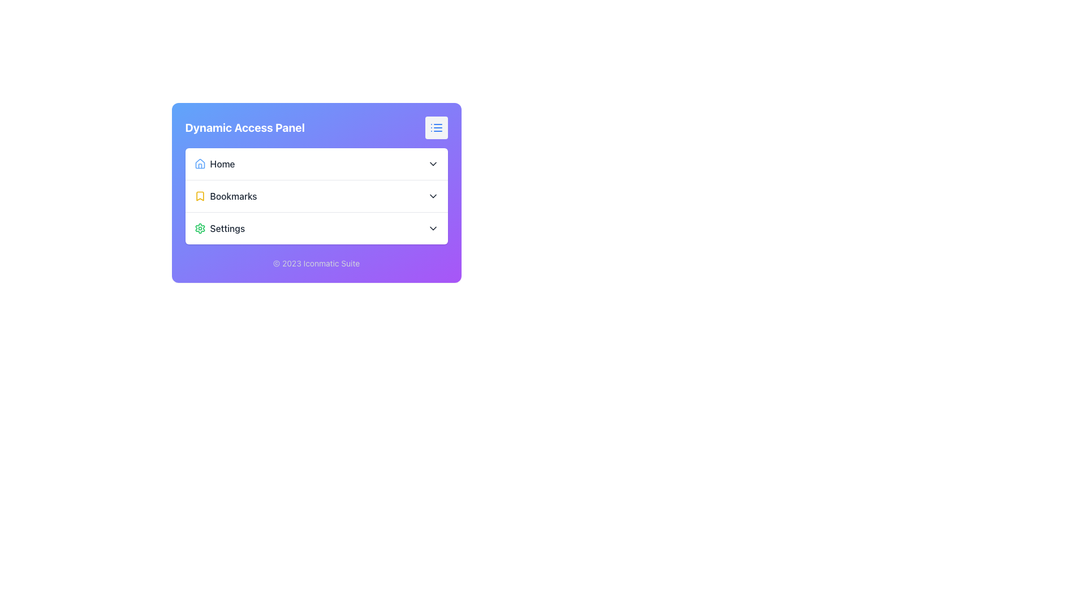 The width and height of the screenshot is (1086, 611). Describe the element at coordinates (200, 229) in the screenshot. I see `the inner component of the gear-shaped icon located at the bottom of the list, which is typically associated with settings or configuration` at that location.